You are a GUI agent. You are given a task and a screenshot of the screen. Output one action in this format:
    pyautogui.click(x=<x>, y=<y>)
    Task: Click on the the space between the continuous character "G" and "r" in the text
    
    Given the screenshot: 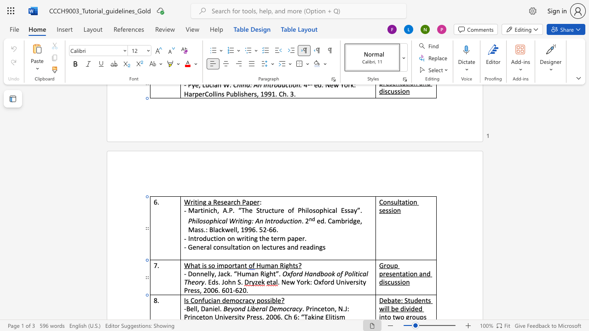 What is the action you would take?
    pyautogui.click(x=383, y=265)
    